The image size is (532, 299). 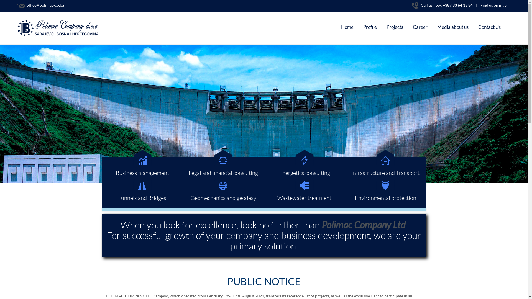 I want to click on 'Career', so click(x=420, y=28).